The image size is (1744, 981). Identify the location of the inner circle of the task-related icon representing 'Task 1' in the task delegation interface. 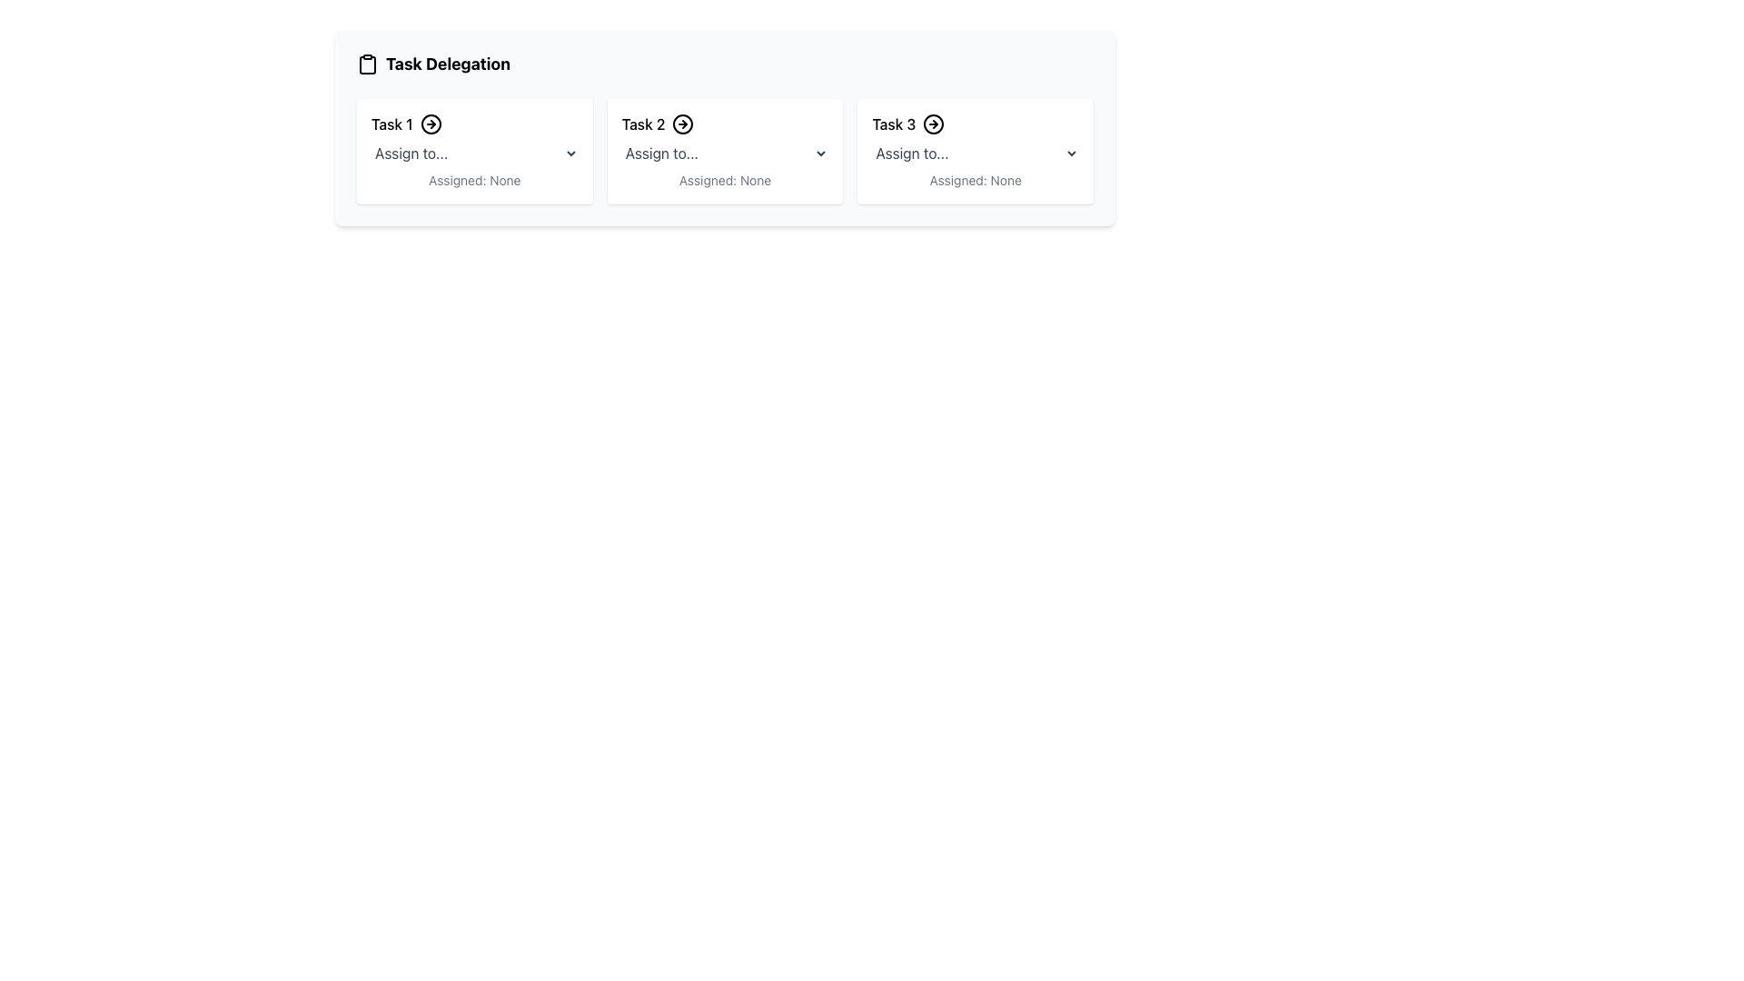
(430, 124).